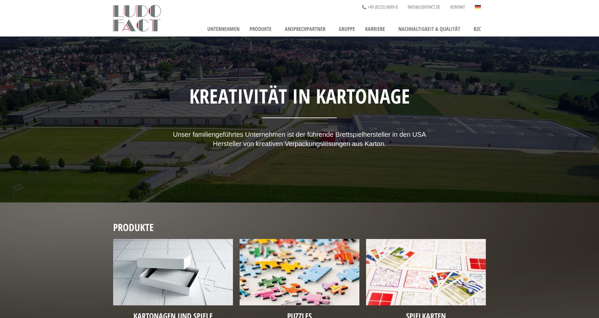 This screenshot has height=318, width=599. Describe the element at coordinates (279, 44) in the screenshot. I see `'Kartonage & Spiele'` at that location.